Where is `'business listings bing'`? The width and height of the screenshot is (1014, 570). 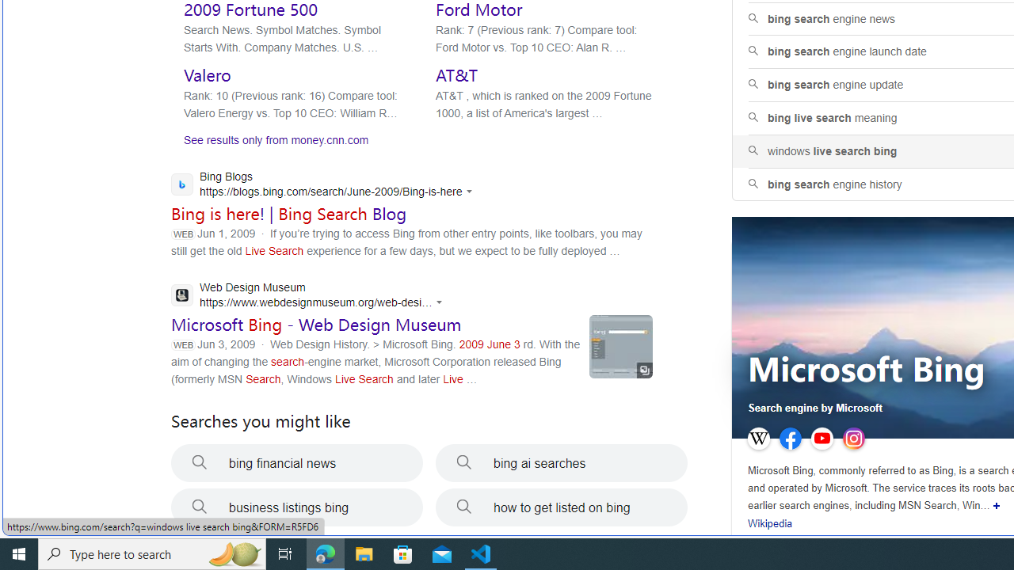
'business listings bing' is located at coordinates (297, 507).